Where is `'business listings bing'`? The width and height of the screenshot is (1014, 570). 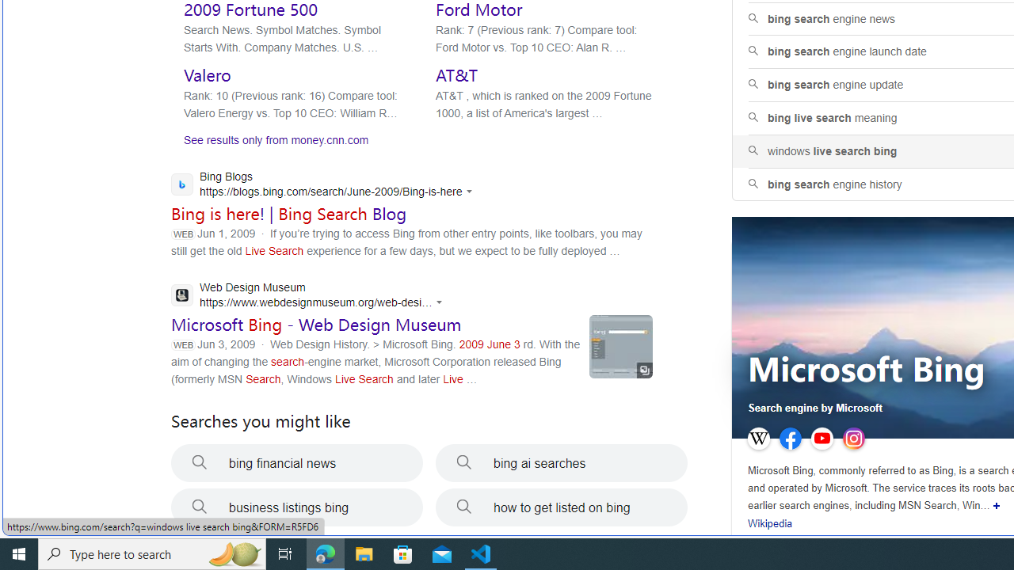
'business listings bing' is located at coordinates (297, 507).